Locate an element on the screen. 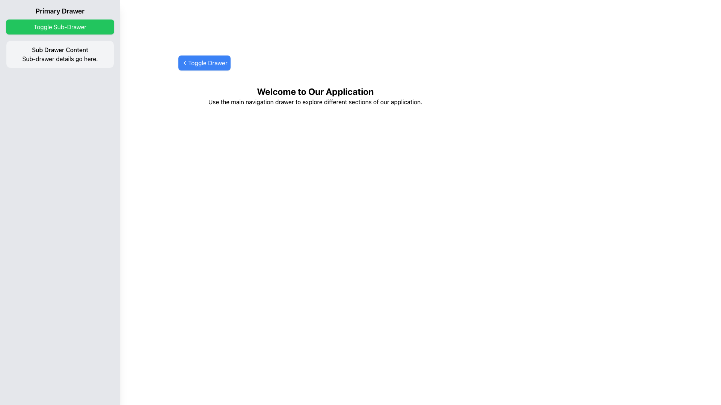  text from the Text Group that contains the heading 'Welcome to Our Application' and additional navigation instructions is located at coordinates (315, 95).